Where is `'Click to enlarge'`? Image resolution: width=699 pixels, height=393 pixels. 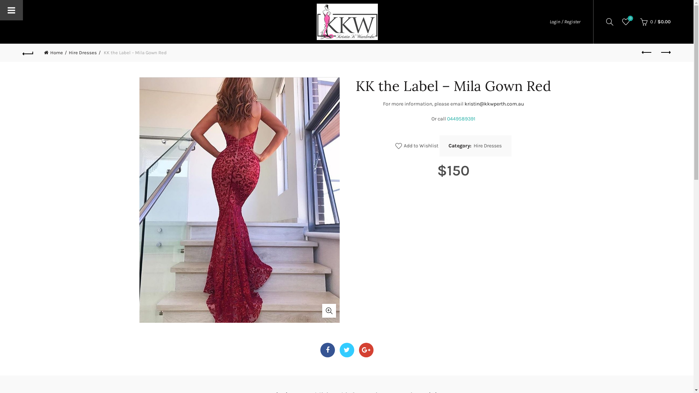
'Click to enlarge' is located at coordinates (328, 310).